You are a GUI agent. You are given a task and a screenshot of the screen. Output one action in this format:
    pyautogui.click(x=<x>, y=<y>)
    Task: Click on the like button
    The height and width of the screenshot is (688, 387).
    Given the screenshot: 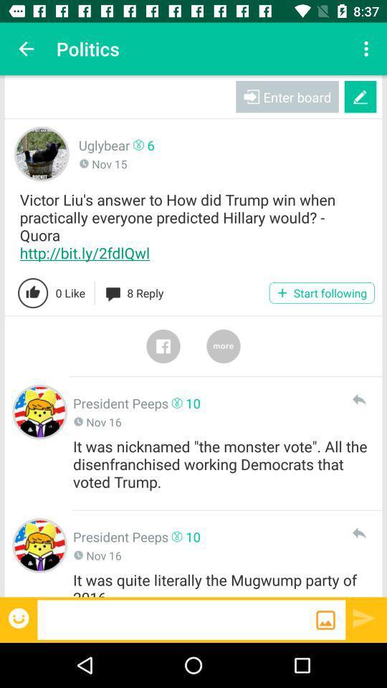 What is the action you would take?
    pyautogui.click(x=33, y=292)
    